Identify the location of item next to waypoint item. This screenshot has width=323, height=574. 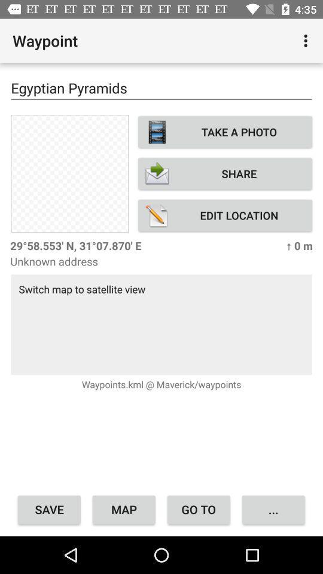
(307, 41).